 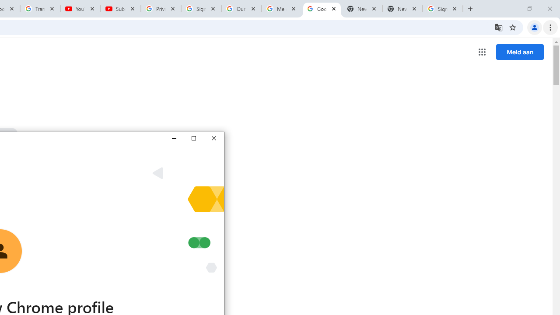 What do you see at coordinates (402, 9) in the screenshot?
I see `'New Tab'` at bounding box center [402, 9].